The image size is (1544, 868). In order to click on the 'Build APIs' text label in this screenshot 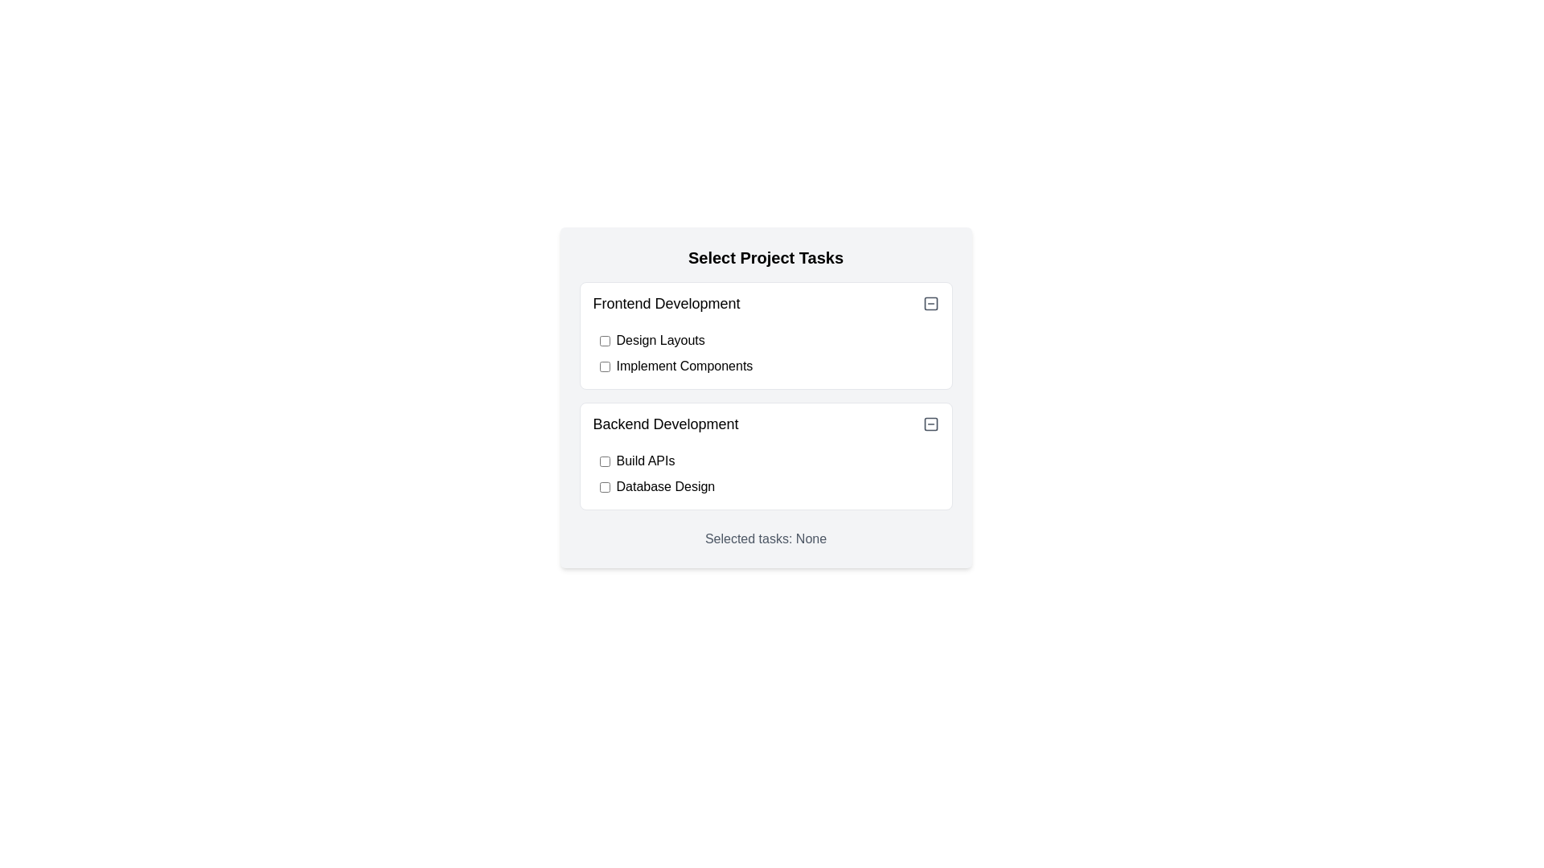, I will do `click(645, 461)`.